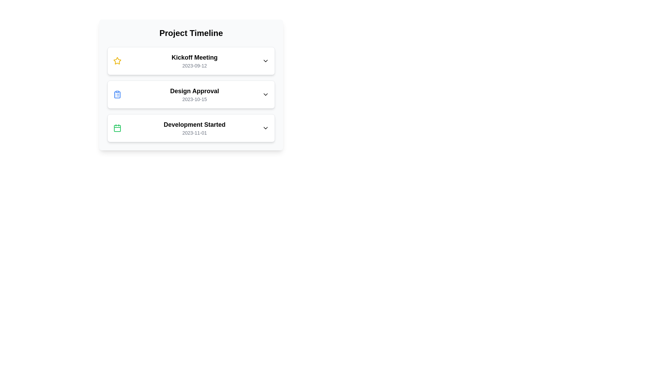 The image size is (659, 370). What do you see at coordinates (194, 57) in the screenshot?
I see `the text element 'Kickoff Meeting' which is the first entry in the segmented list under 'Project Timeline'` at bounding box center [194, 57].